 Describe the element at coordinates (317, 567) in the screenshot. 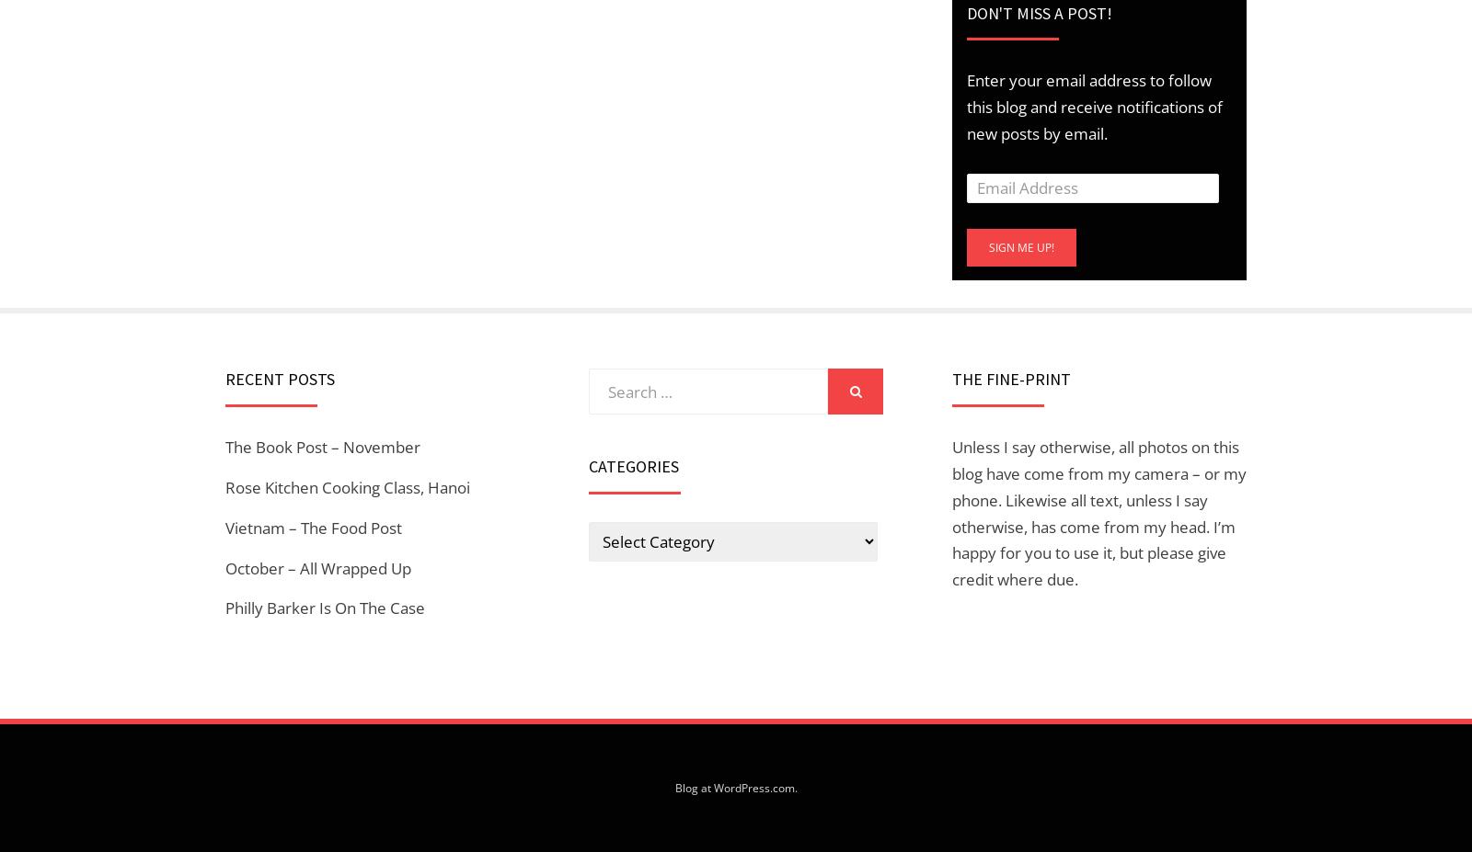

I see `'October – All Wrapped Up'` at that location.